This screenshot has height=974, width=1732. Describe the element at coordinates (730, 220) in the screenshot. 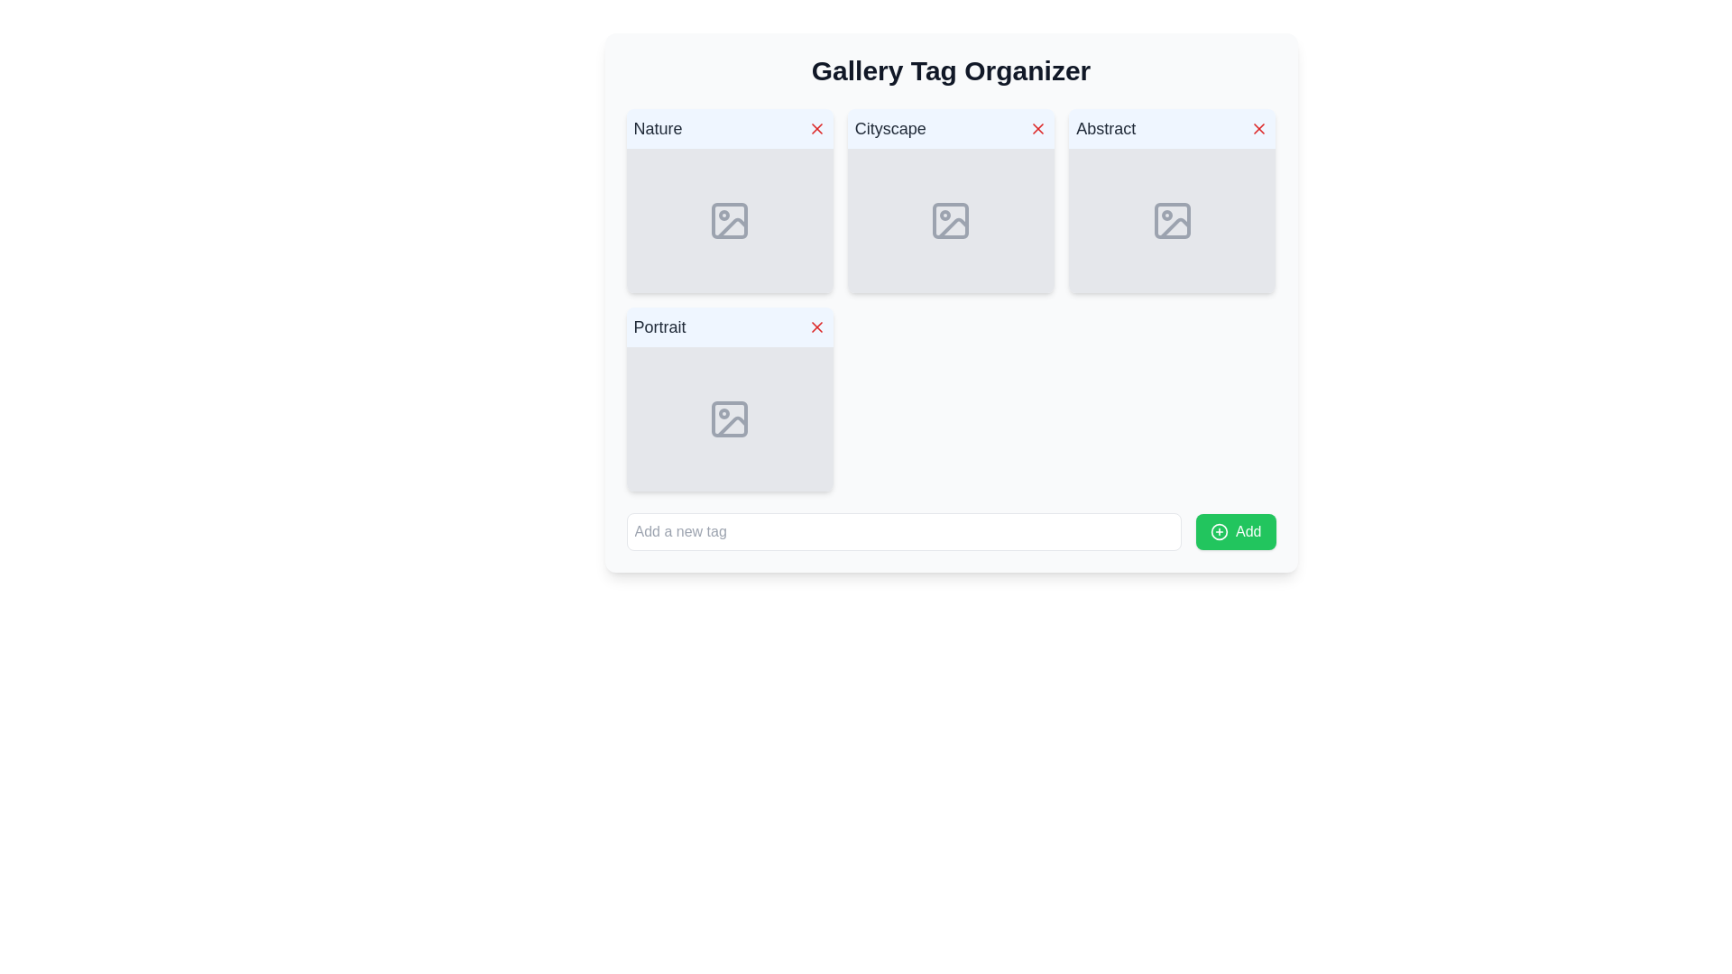

I see `the SVG icon representing the 'Nature' category, which visually indicates the type of content related to this category` at that location.